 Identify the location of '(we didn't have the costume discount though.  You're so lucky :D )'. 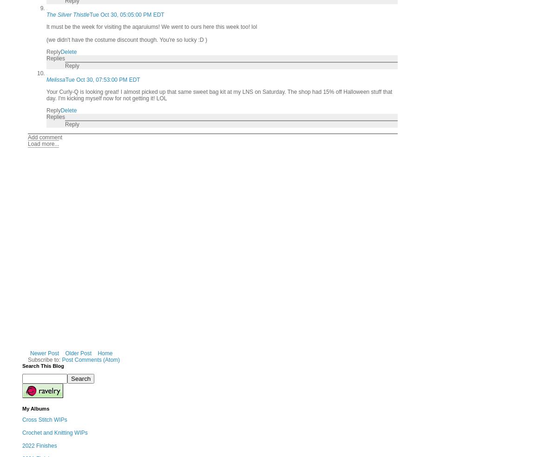
(126, 39).